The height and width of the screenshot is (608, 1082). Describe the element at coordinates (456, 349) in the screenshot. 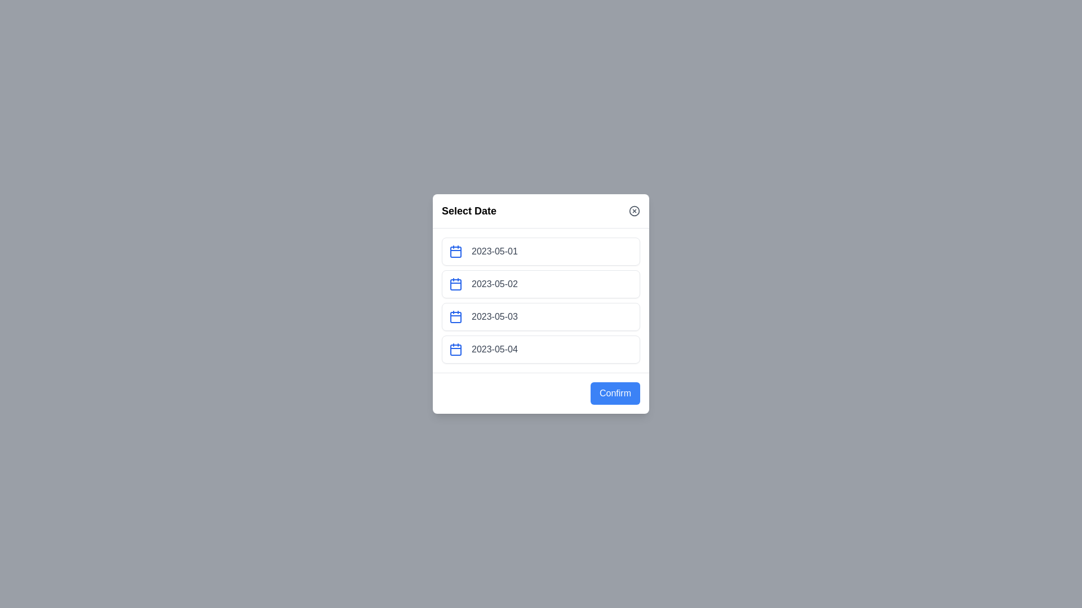

I see `the calendar icon next to the date 2023-05-04` at that location.